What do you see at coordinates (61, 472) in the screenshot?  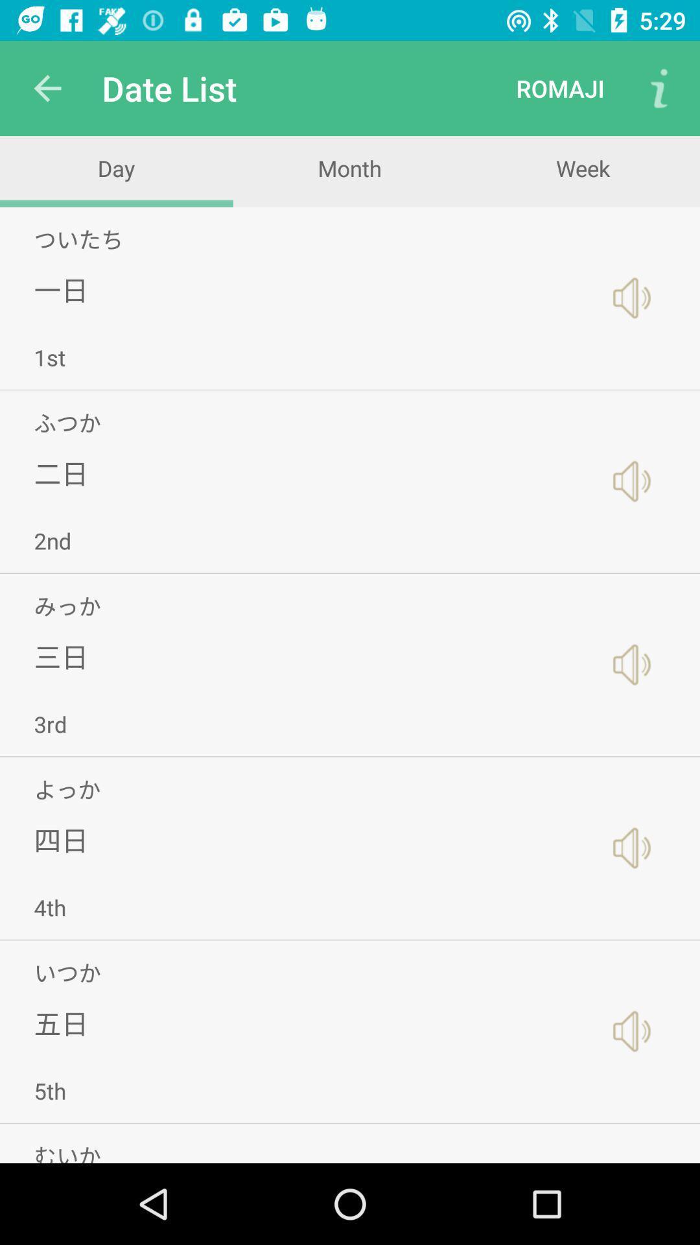 I see `item above 2nd app` at bounding box center [61, 472].